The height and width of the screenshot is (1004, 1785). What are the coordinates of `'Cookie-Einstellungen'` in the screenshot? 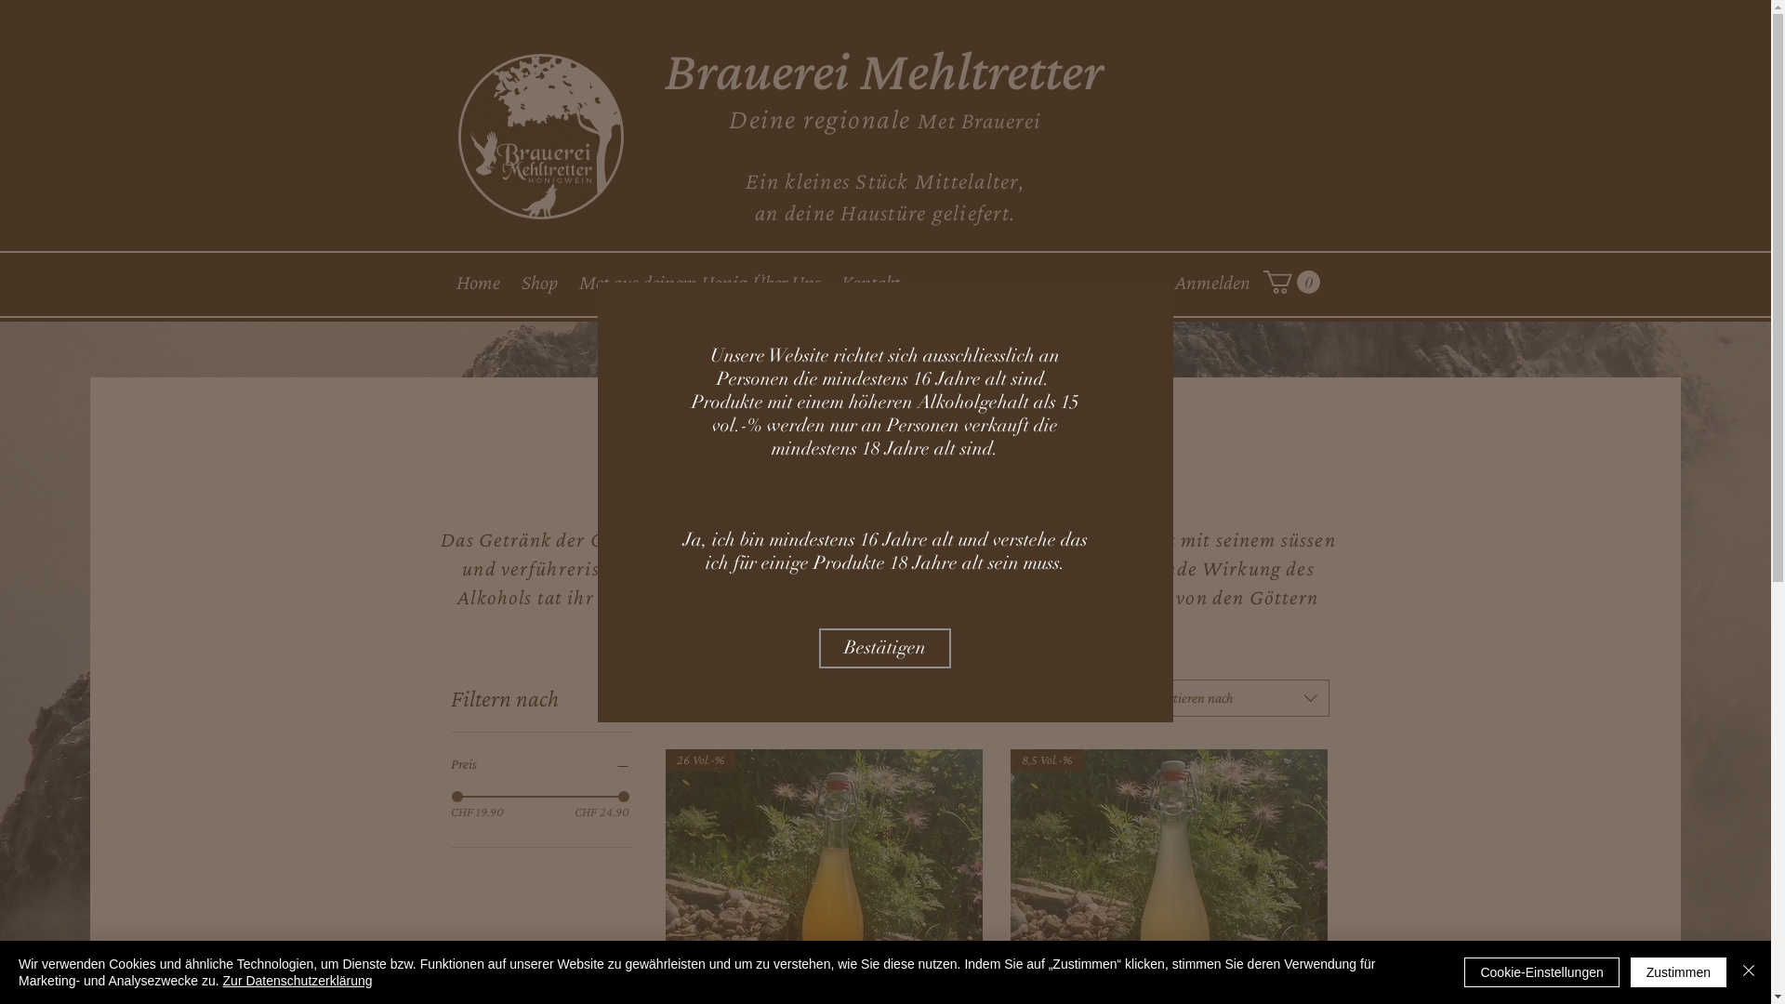 It's located at (1540, 971).